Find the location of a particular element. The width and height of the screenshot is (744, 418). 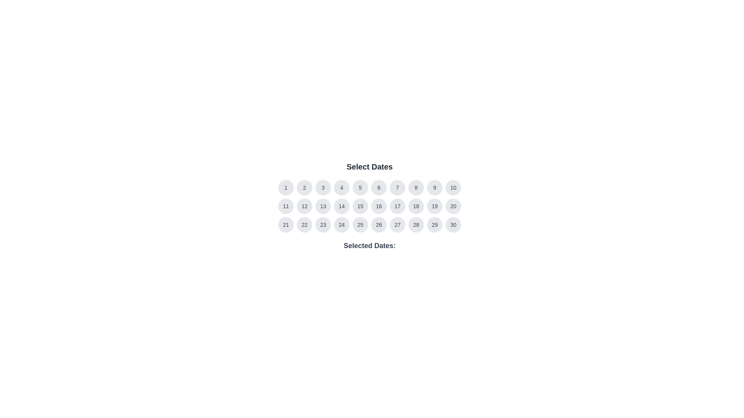

the circular button labeled '24' with a light gray background is located at coordinates (341, 225).